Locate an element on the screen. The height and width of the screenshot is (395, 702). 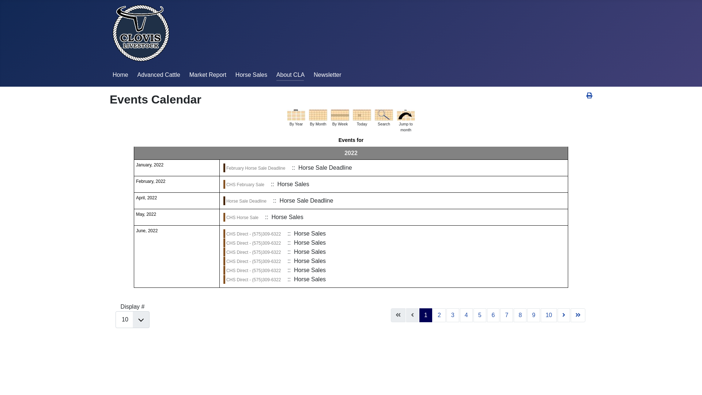
'1' is located at coordinates (419, 315).